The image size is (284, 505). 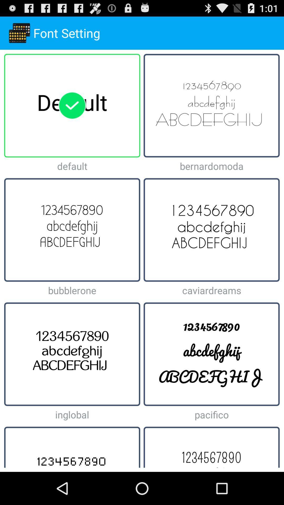 What do you see at coordinates (19, 33) in the screenshot?
I see `the font setting icon` at bounding box center [19, 33].